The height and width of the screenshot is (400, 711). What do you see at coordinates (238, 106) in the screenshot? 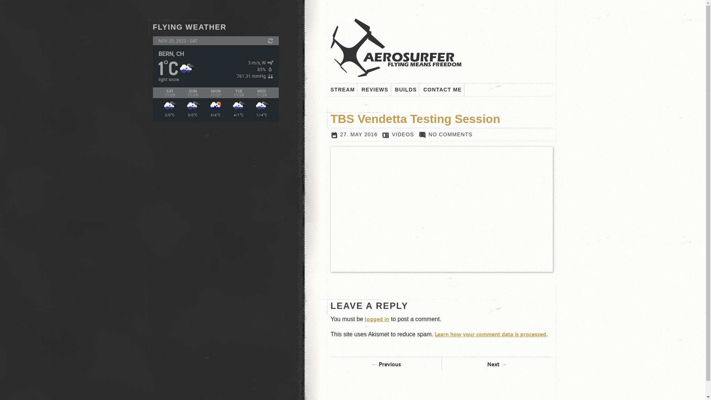
I see `'rain and snow'` at bounding box center [238, 106].